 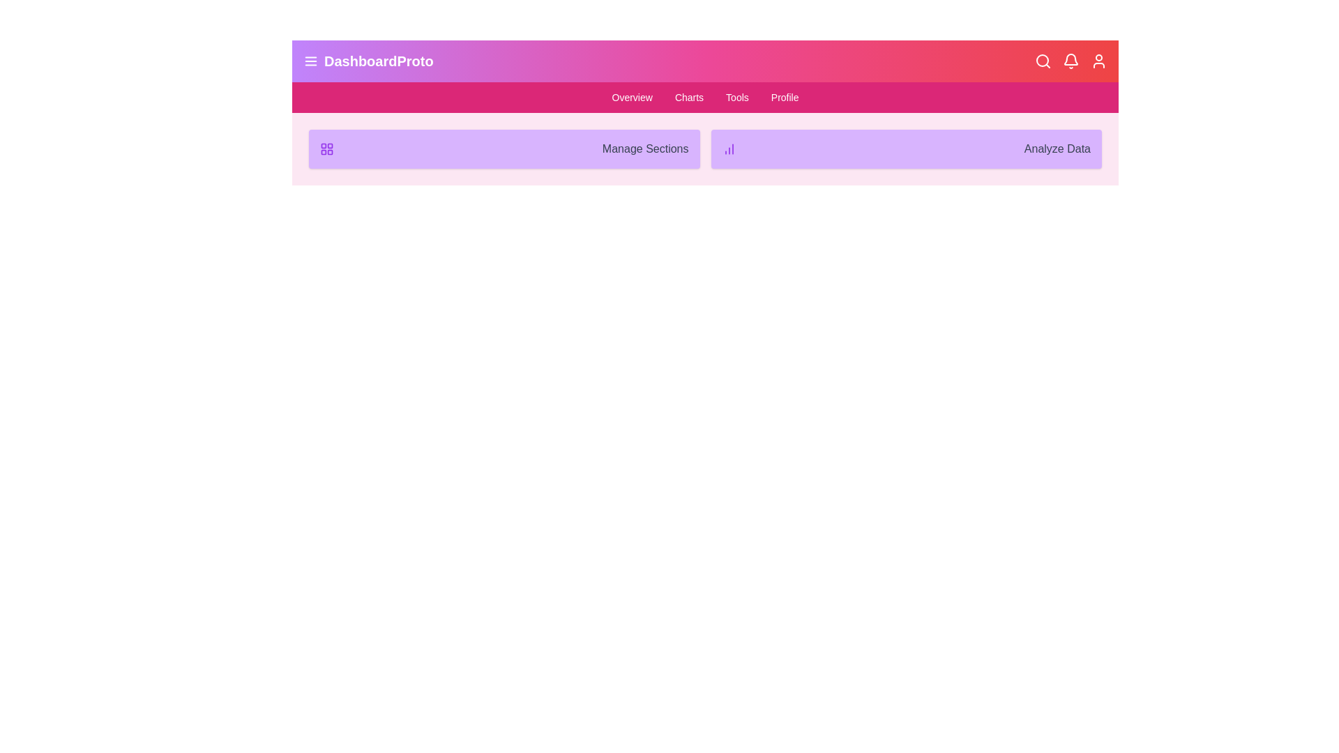 I want to click on the text element 'Manage Sections' to inspect its layout, so click(x=504, y=149).